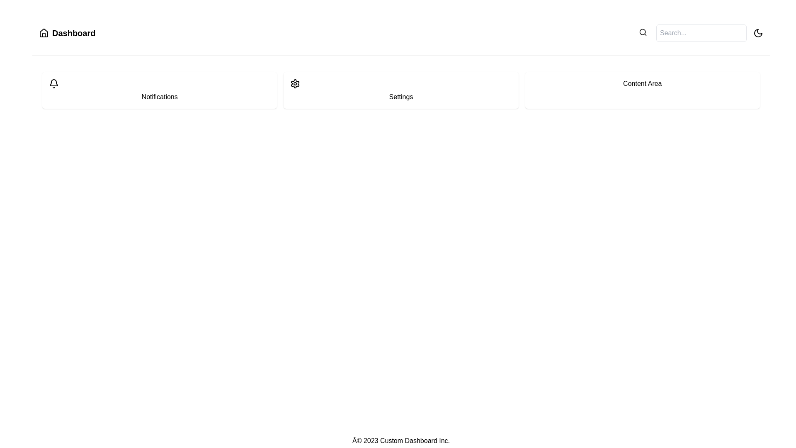 The width and height of the screenshot is (796, 448). What do you see at coordinates (43, 33) in the screenshot?
I see `the navigational icon located in the top-left corner of the page, positioned to the left of the word 'Dashboard'` at bounding box center [43, 33].